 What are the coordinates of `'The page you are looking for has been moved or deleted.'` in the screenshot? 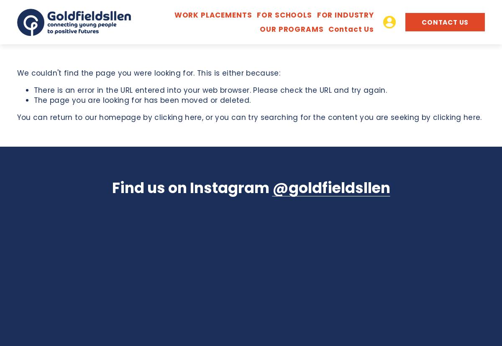 It's located at (142, 99).